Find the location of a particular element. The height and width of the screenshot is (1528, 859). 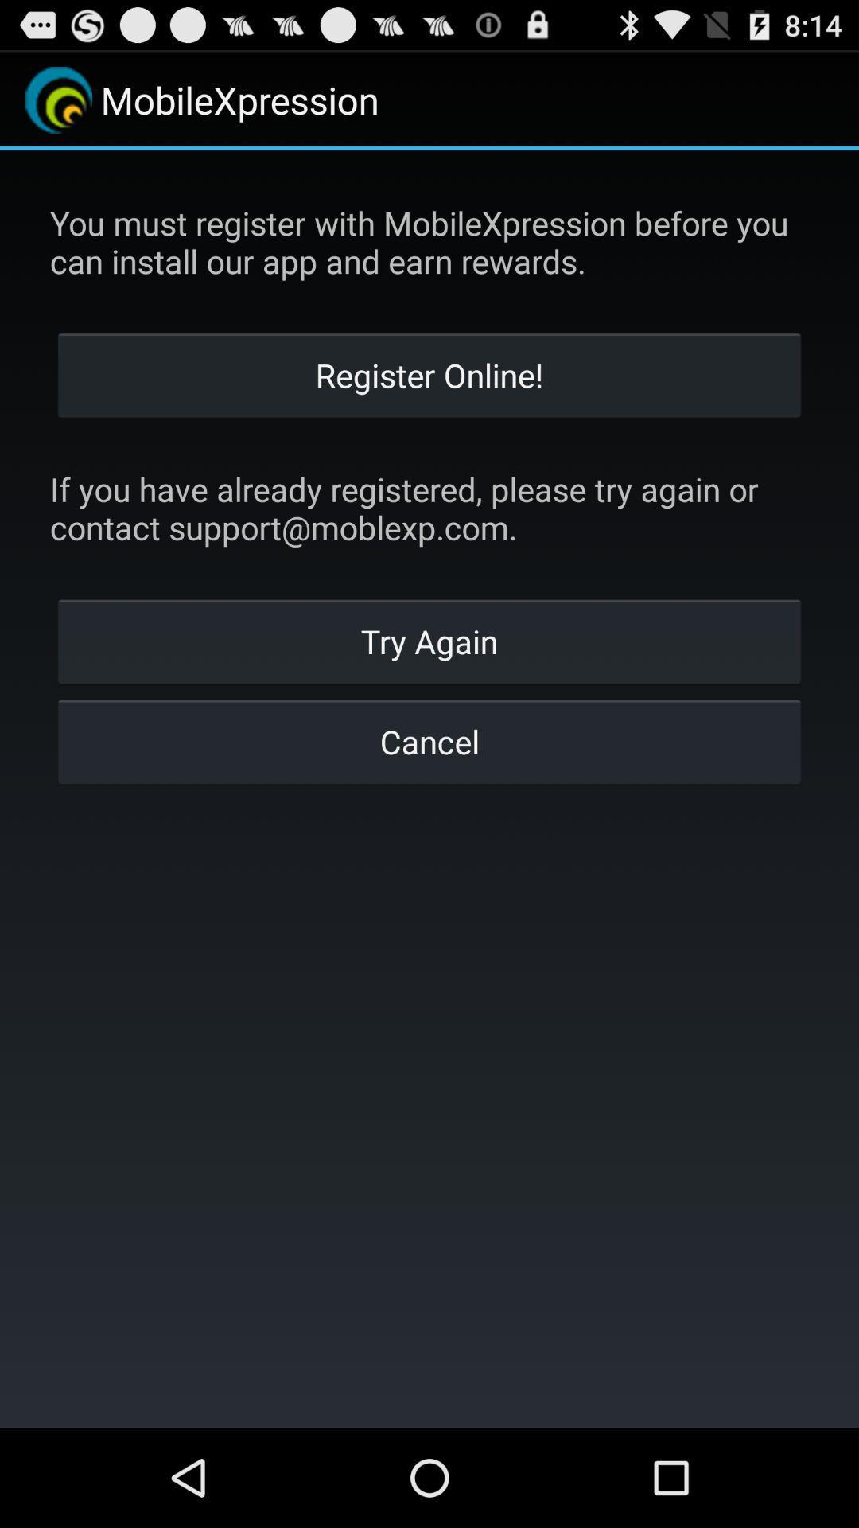

the button below try again is located at coordinates (429, 740).